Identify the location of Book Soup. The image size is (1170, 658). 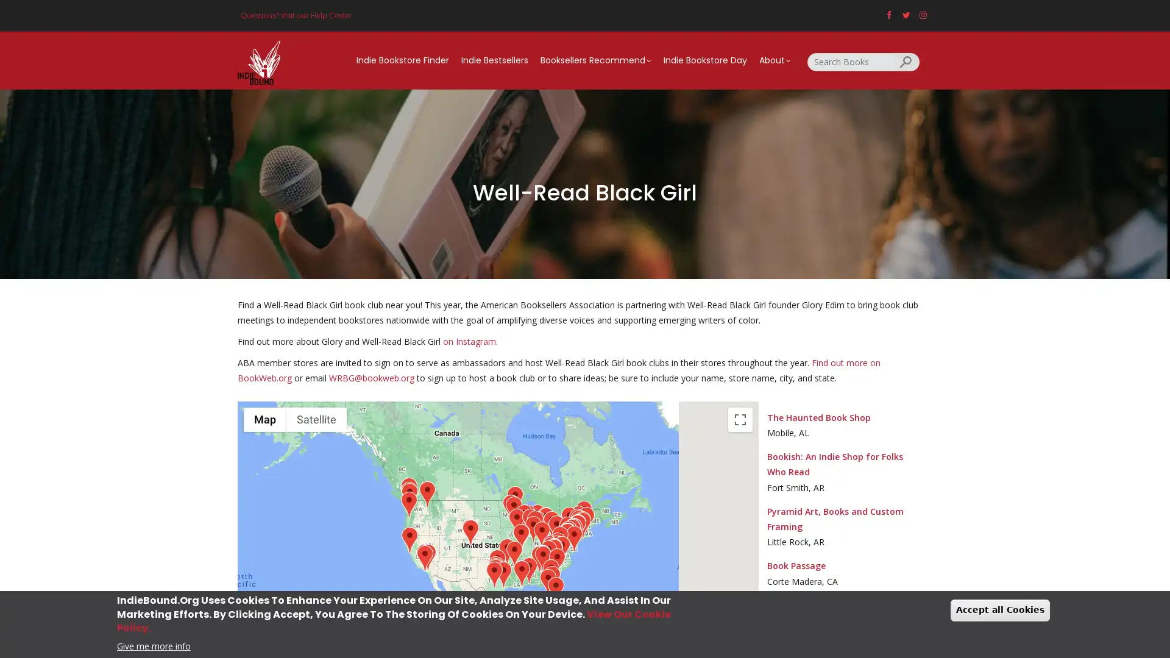
(424, 556).